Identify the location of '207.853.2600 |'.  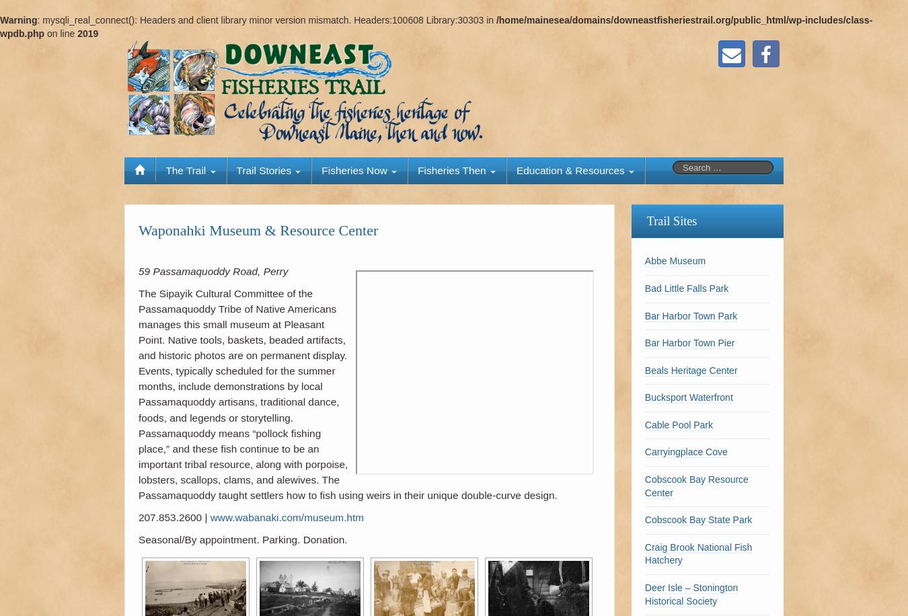
(174, 516).